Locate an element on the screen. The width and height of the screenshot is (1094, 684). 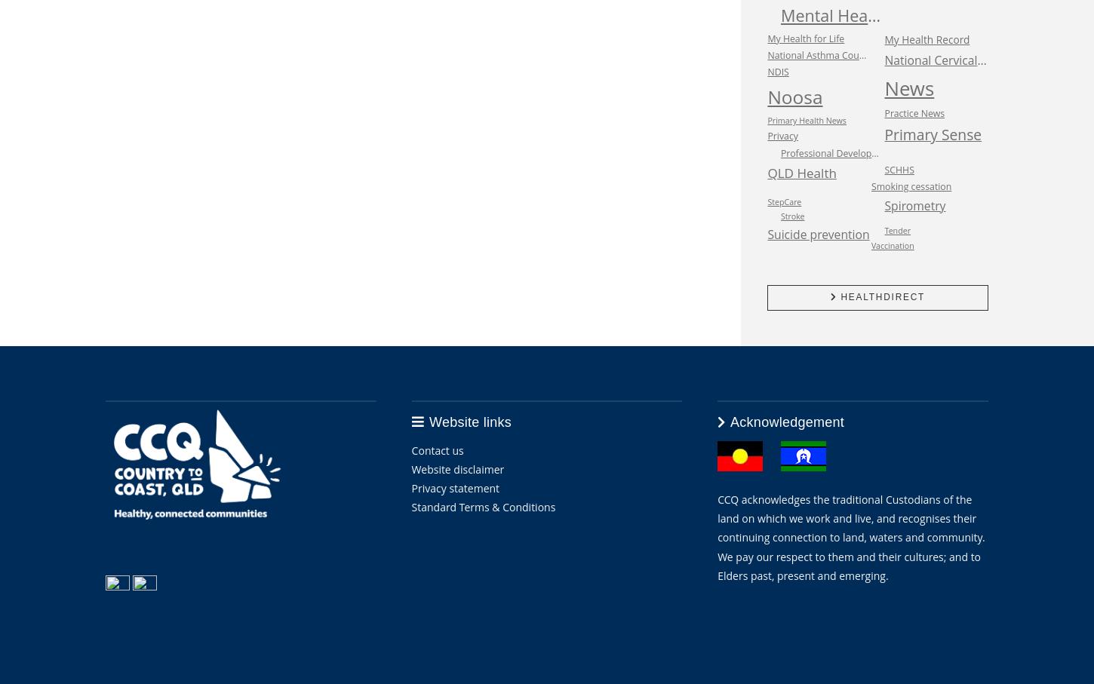
'StepCare' is located at coordinates (767, 201).